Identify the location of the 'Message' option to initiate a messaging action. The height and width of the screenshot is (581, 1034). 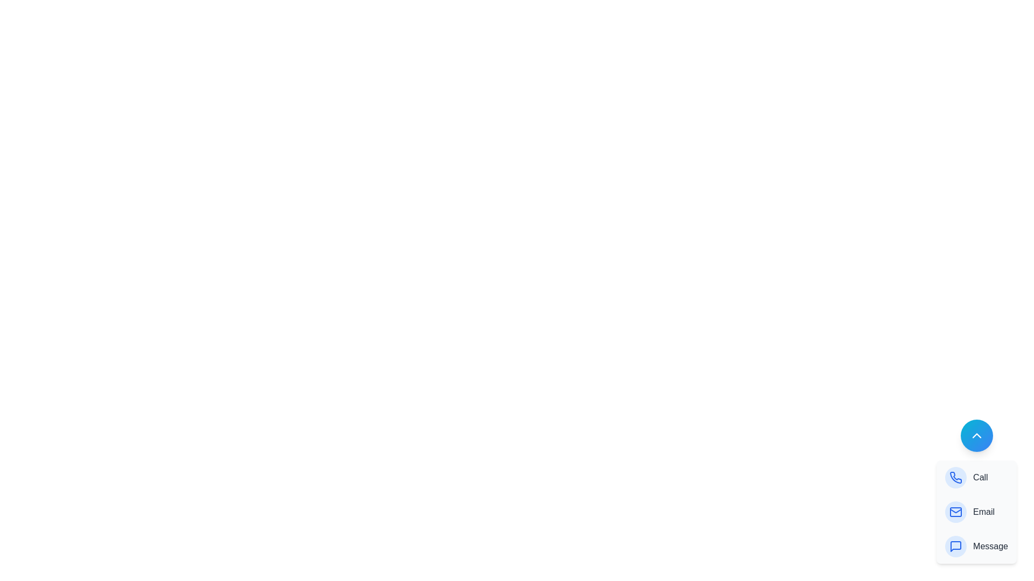
(980, 546).